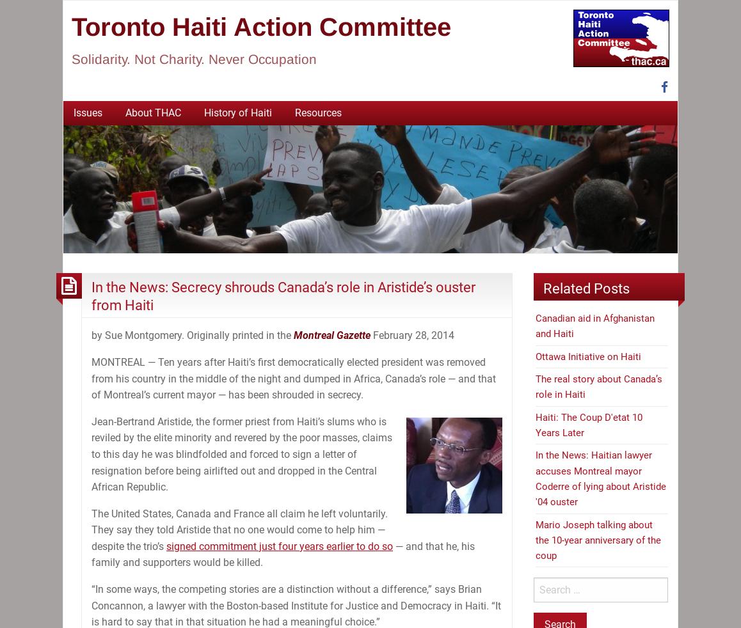 The height and width of the screenshot is (628, 741). I want to click on 'Mario Joseph talking about the 10-year anniversary of the coup', so click(597, 540).